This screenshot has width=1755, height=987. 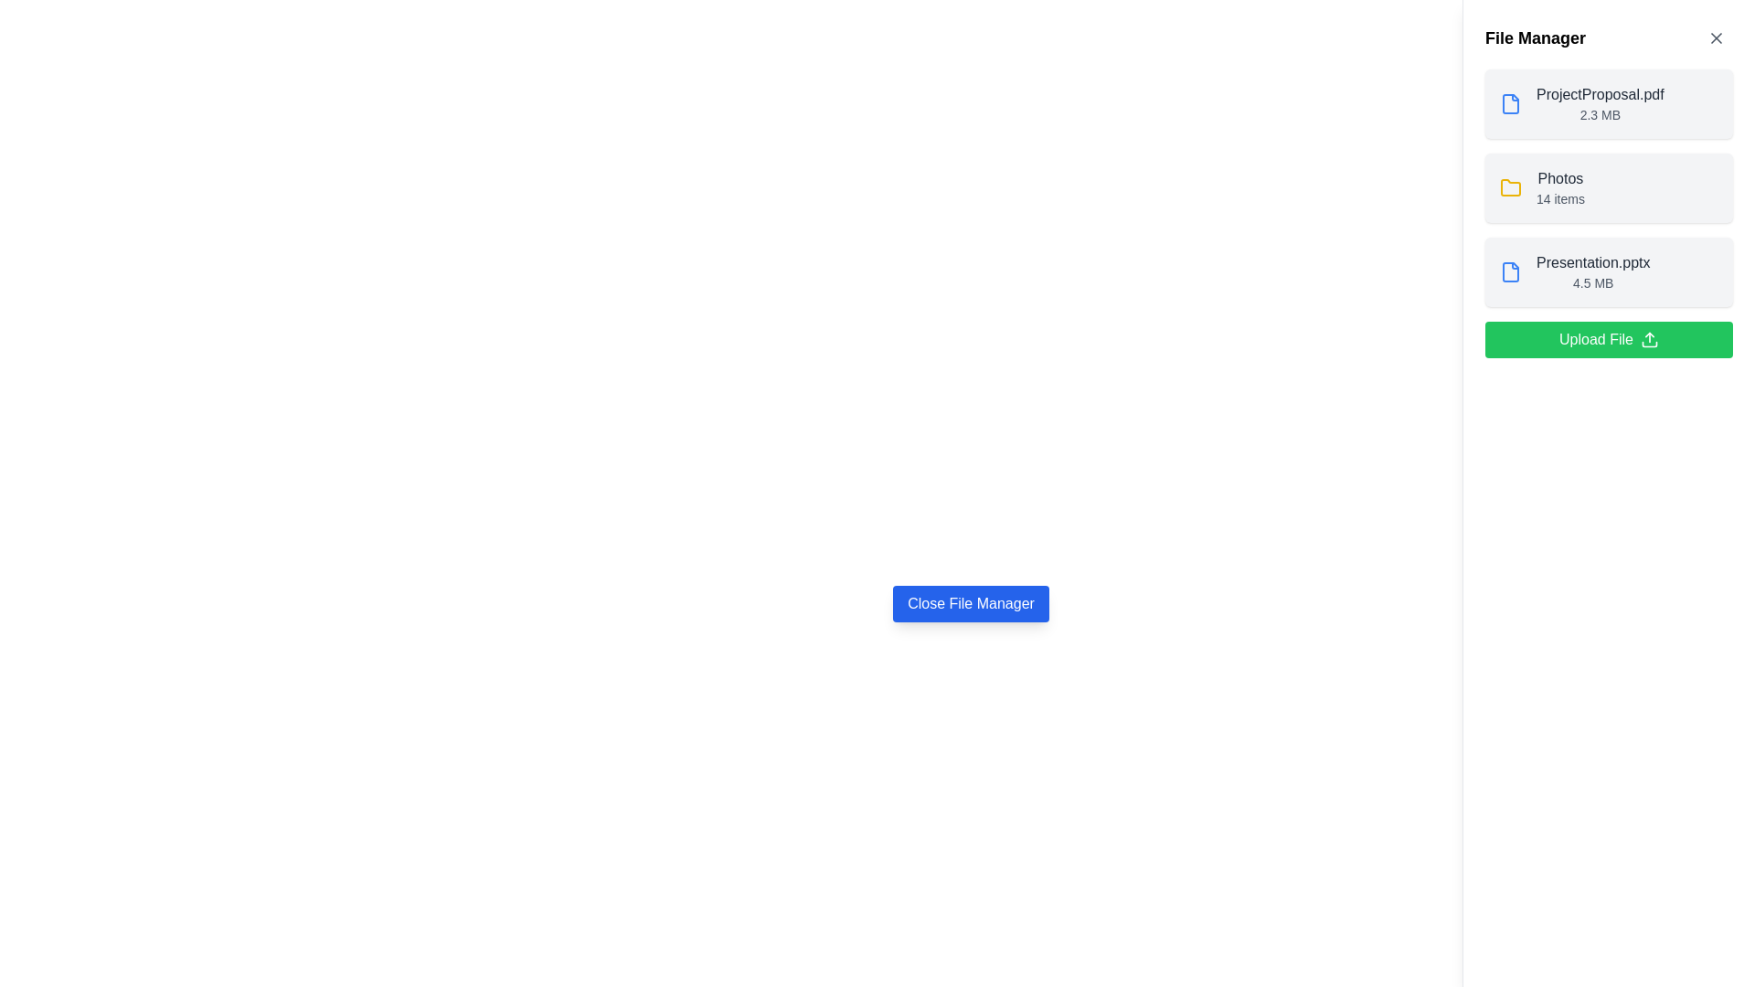 I want to click on the folder icon with a yellow outline in the second item of the list within the 'File Manager' section, so click(x=1510, y=187).